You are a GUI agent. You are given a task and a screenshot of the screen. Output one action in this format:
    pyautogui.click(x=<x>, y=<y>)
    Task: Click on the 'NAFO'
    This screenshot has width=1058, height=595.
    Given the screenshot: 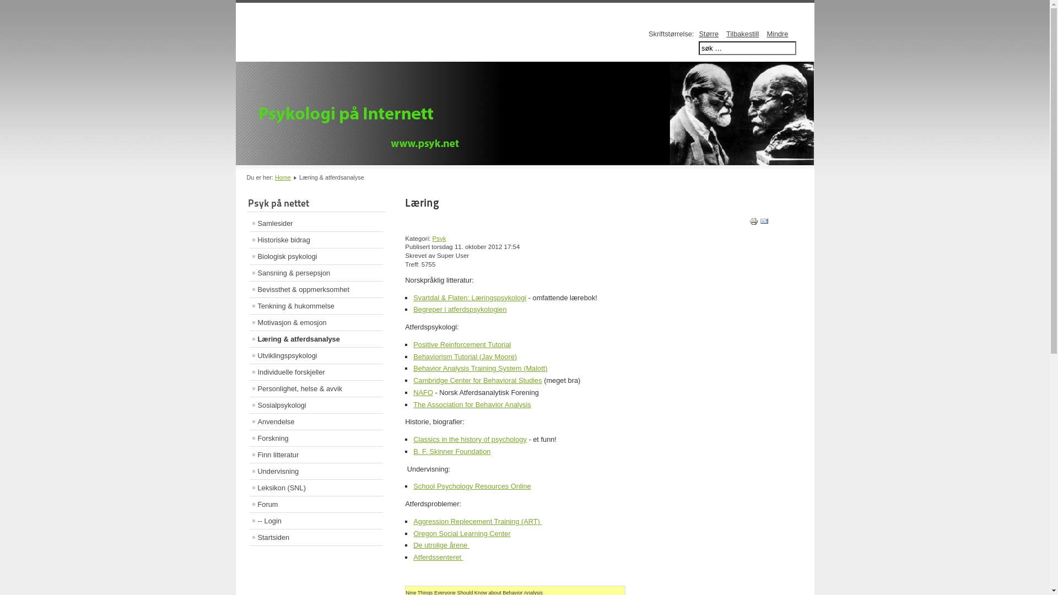 What is the action you would take?
    pyautogui.click(x=423, y=392)
    